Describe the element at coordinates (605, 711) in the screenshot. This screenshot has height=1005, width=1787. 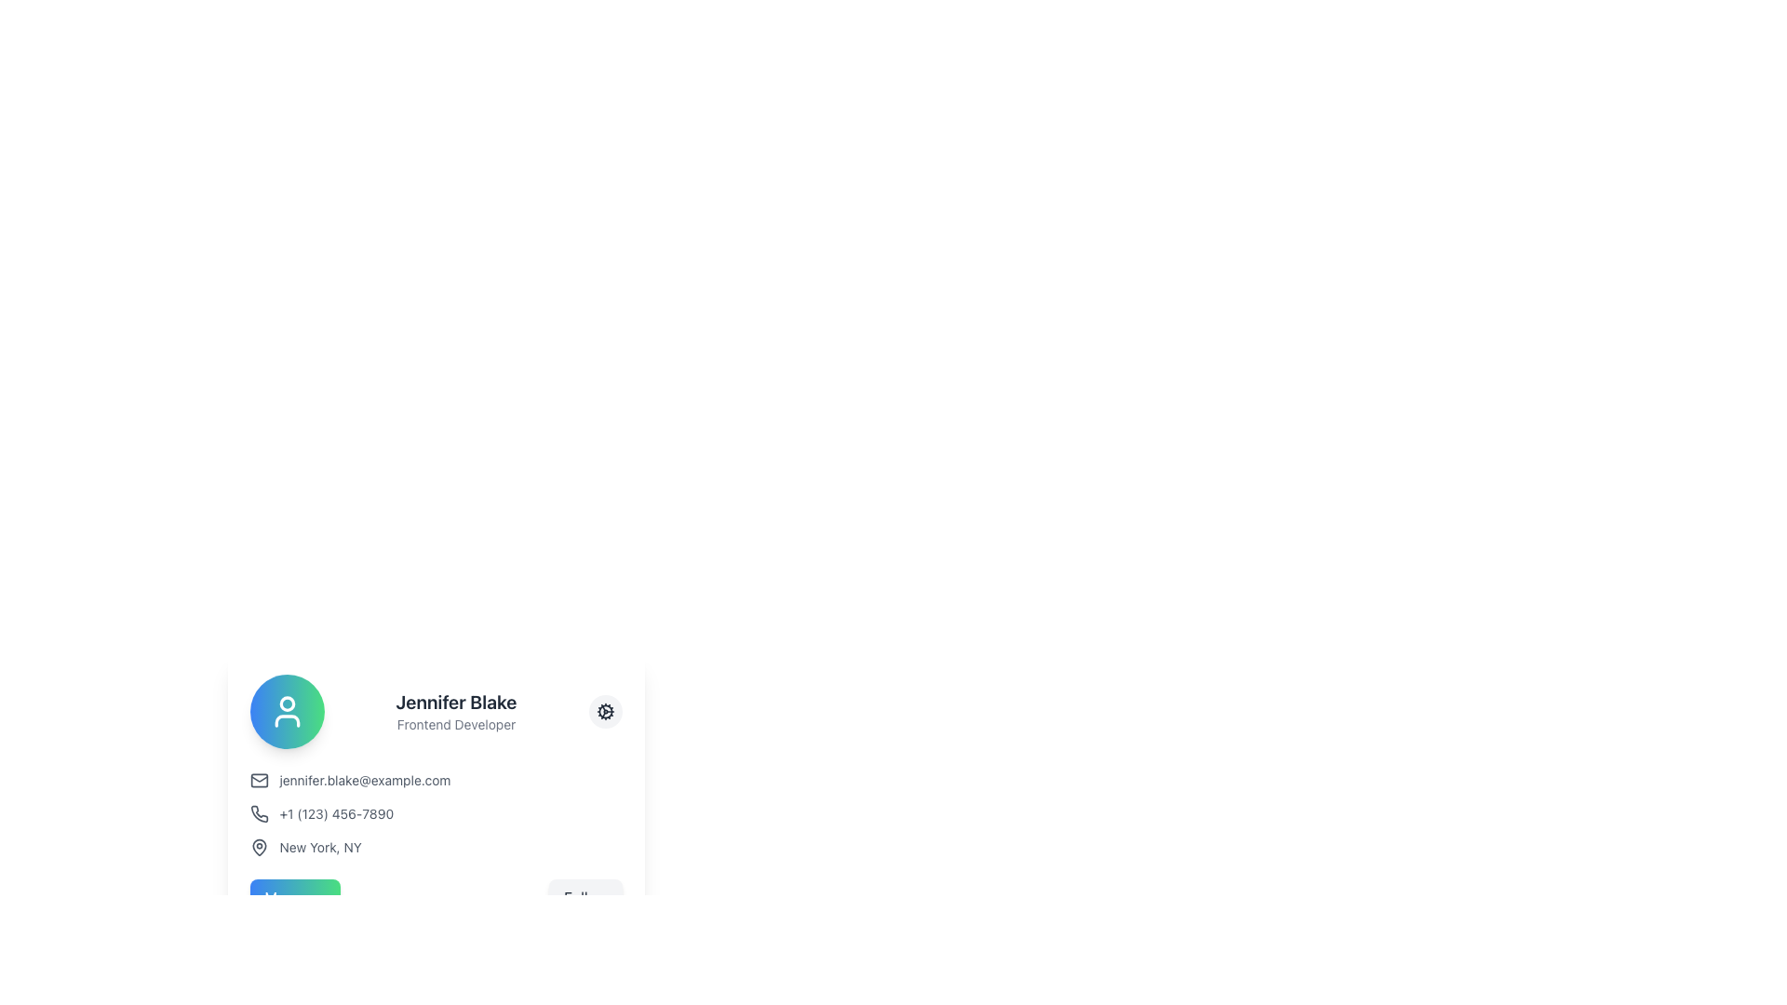
I see `the circular settings button with a gear symbol in the top-right corner of the user information section` at that location.